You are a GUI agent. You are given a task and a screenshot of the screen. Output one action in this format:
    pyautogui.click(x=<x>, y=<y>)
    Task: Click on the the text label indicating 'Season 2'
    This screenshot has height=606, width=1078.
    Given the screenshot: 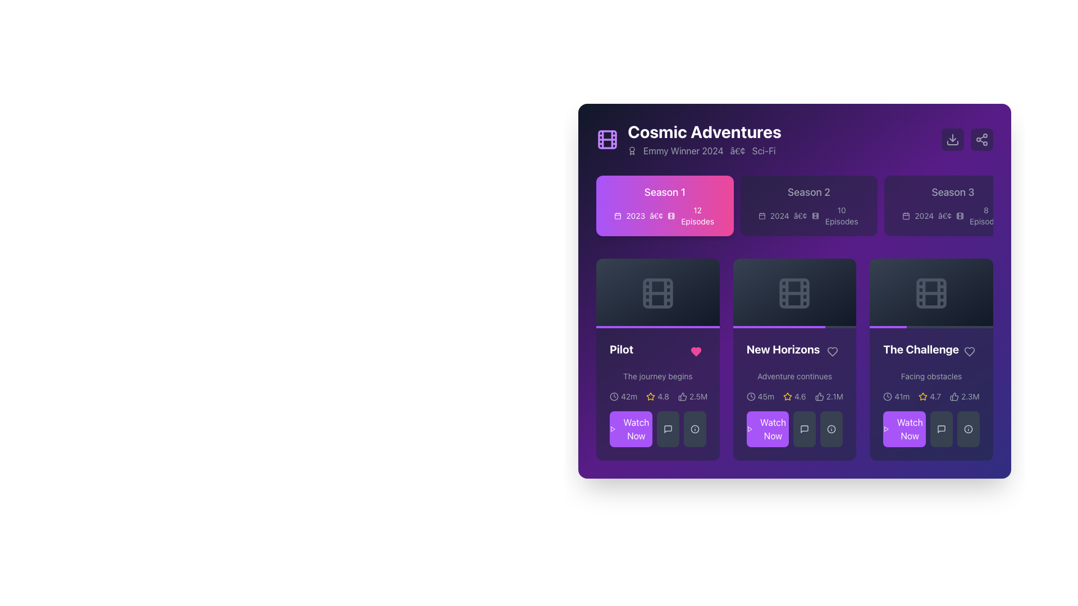 What is the action you would take?
    pyautogui.click(x=808, y=192)
    